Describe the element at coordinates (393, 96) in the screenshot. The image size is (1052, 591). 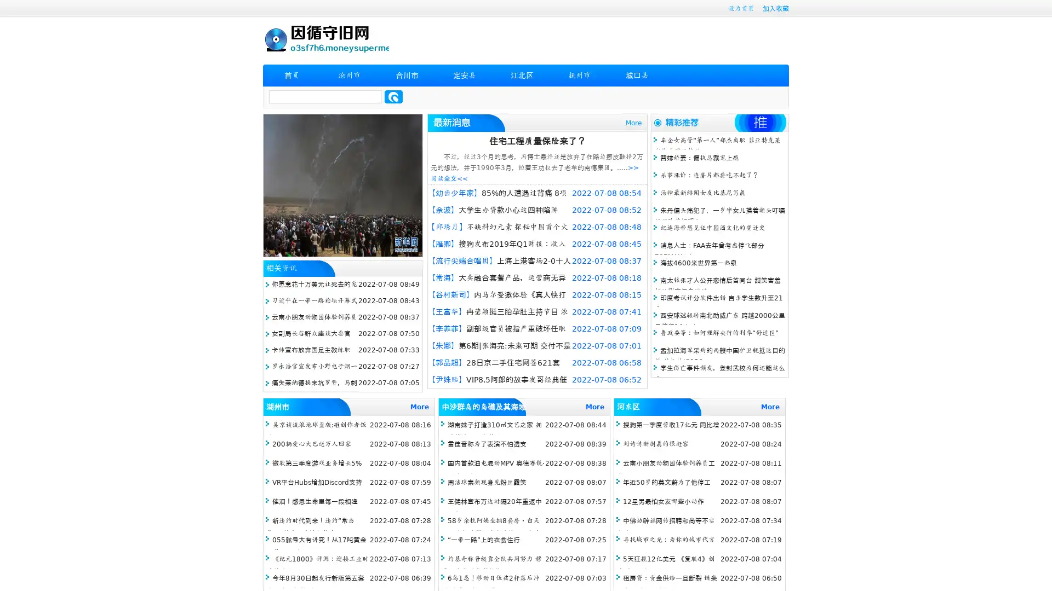
I see `Search` at that location.